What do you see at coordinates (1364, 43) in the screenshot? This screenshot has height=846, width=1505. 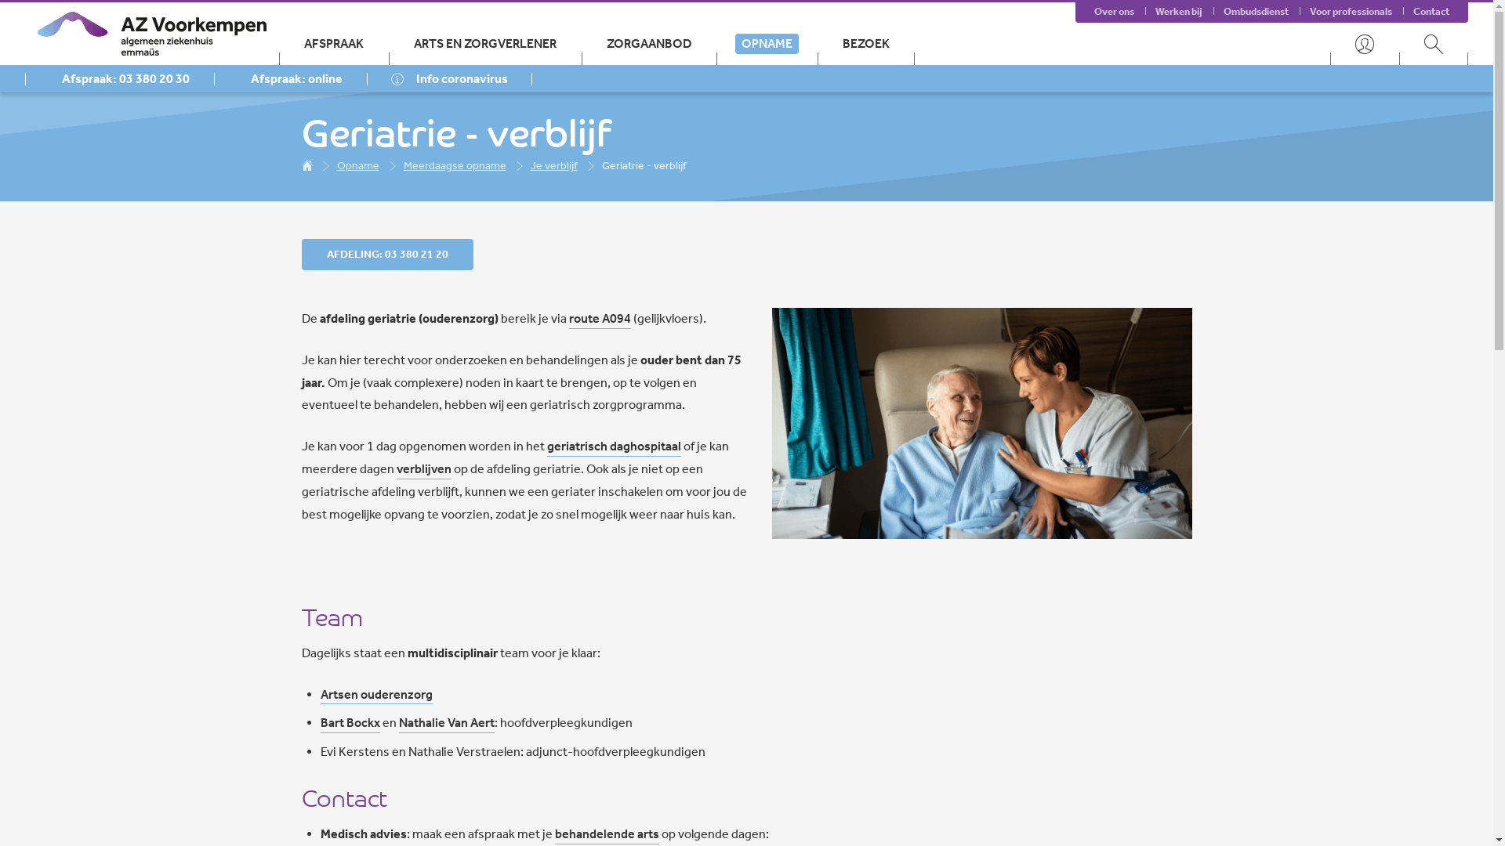 I see `'User menu'` at bounding box center [1364, 43].